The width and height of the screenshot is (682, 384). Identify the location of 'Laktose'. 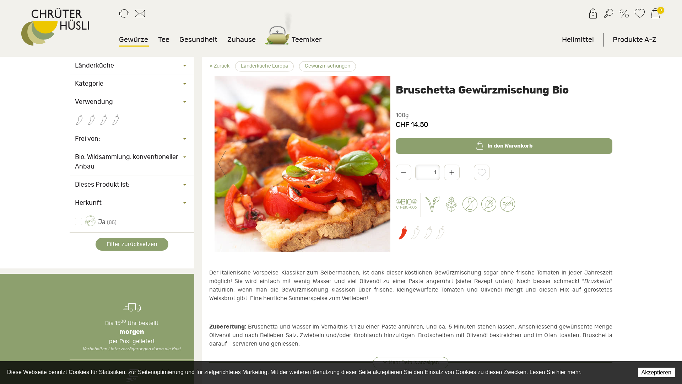
(470, 205).